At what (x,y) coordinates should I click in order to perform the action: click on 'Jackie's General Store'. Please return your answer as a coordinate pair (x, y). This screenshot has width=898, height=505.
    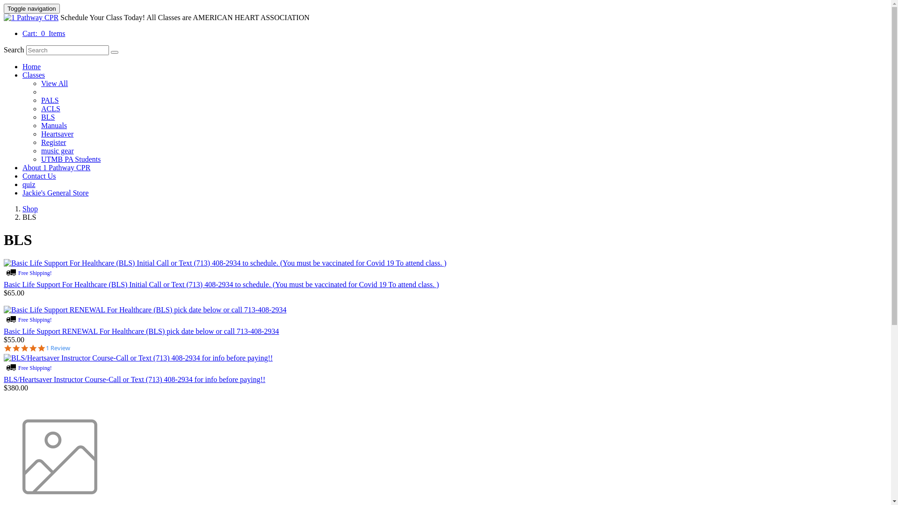
    Looking at the image, I should click on (22, 192).